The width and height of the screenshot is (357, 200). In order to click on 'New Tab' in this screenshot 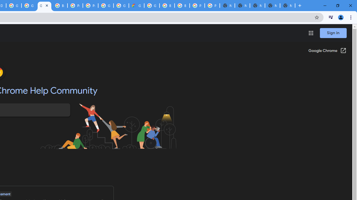, I will do `click(288, 6)`.